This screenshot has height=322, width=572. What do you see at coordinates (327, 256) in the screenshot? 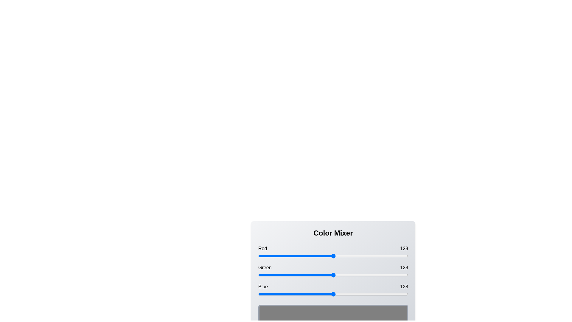
I see `the red slider to 118` at bounding box center [327, 256].